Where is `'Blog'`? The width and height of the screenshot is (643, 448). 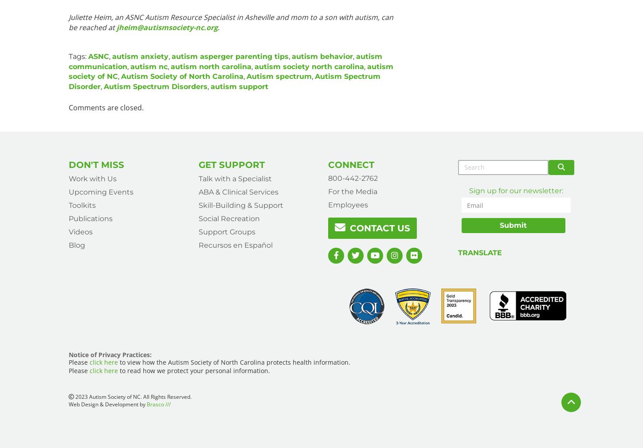 'Blog' is located at coordinates (68, 245).